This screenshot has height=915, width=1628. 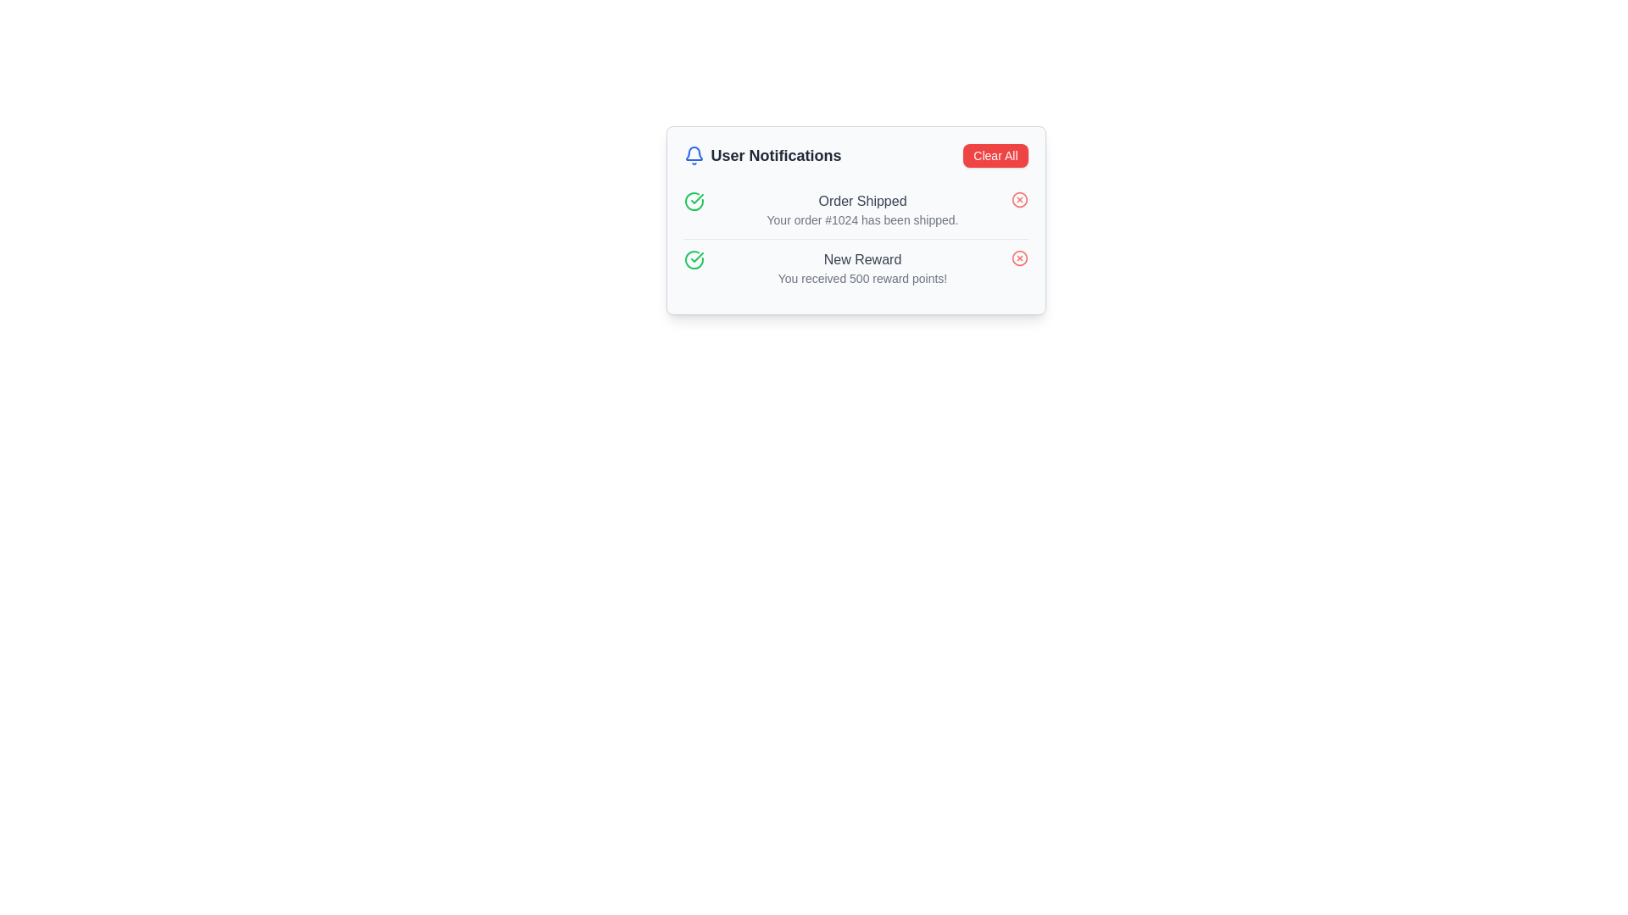 What do you see at coordinates (995, 156) in the screenshot?
I see `the clear notifications button located on the far right side of the 'User Notifications' section` at bounding box center [995, 156].